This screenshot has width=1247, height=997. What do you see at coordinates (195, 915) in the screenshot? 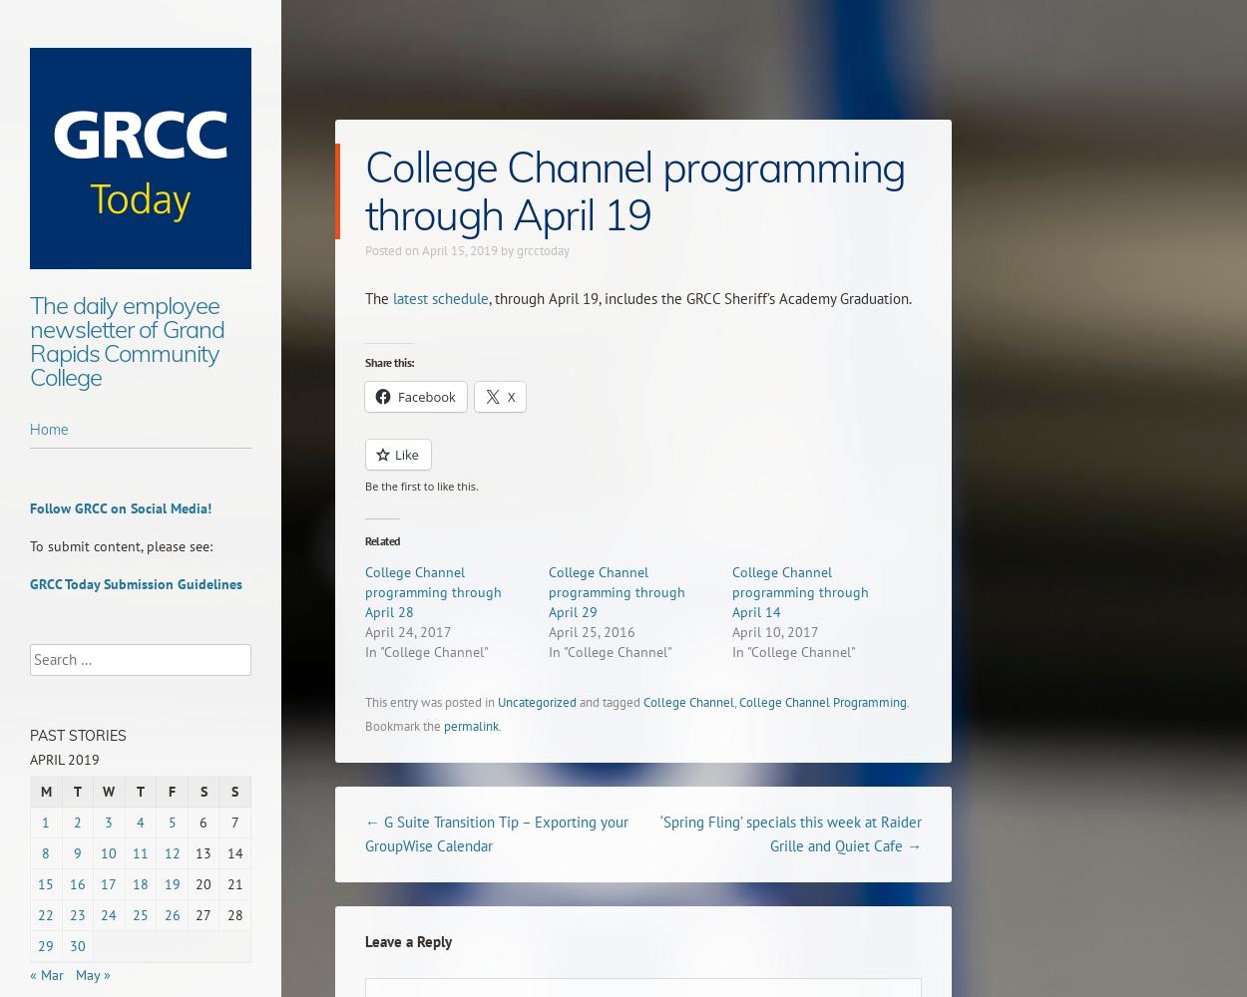
I see `'27'` at bounding box center [195, 915].